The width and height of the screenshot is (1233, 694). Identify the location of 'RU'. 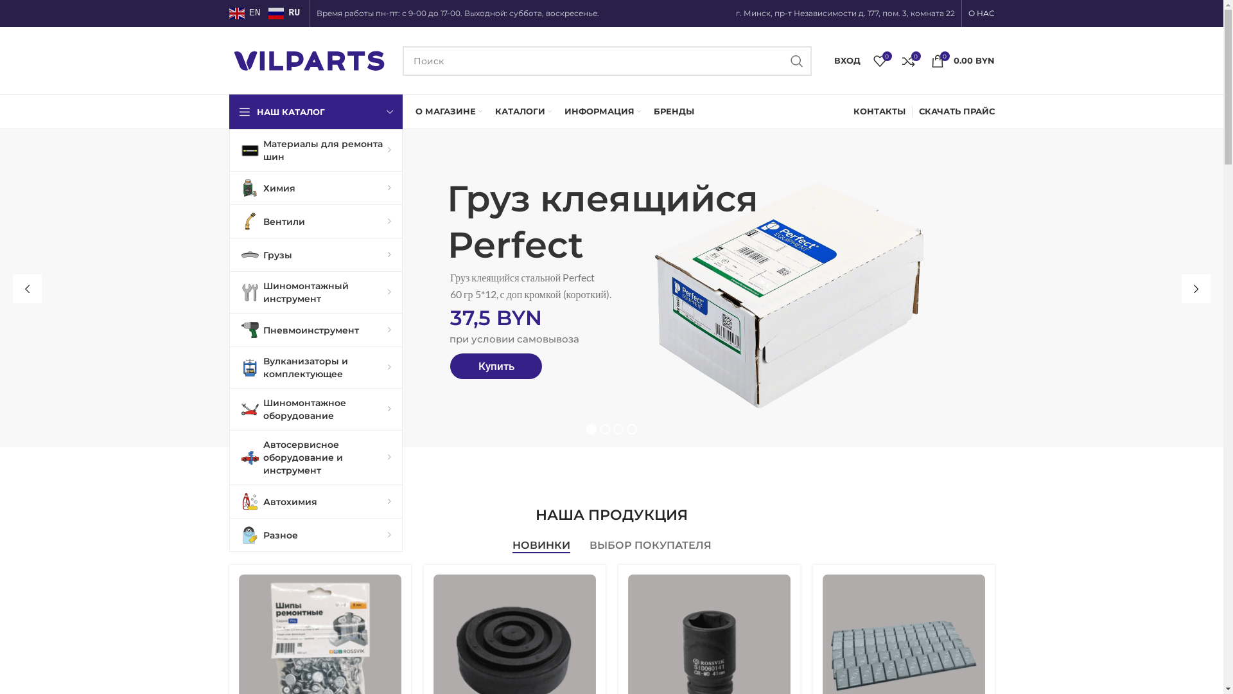
(267, 13).